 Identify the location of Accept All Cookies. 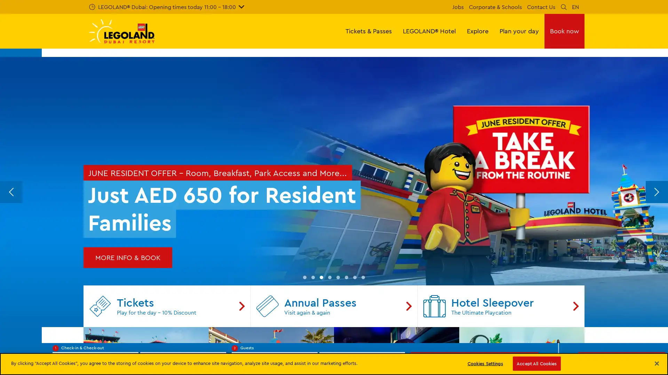
(536, 363).